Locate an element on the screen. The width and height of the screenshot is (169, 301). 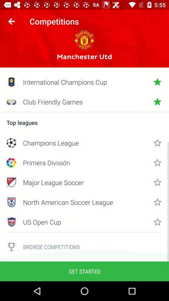
the icon below north american soccer item is located at coordinates (84, 222).